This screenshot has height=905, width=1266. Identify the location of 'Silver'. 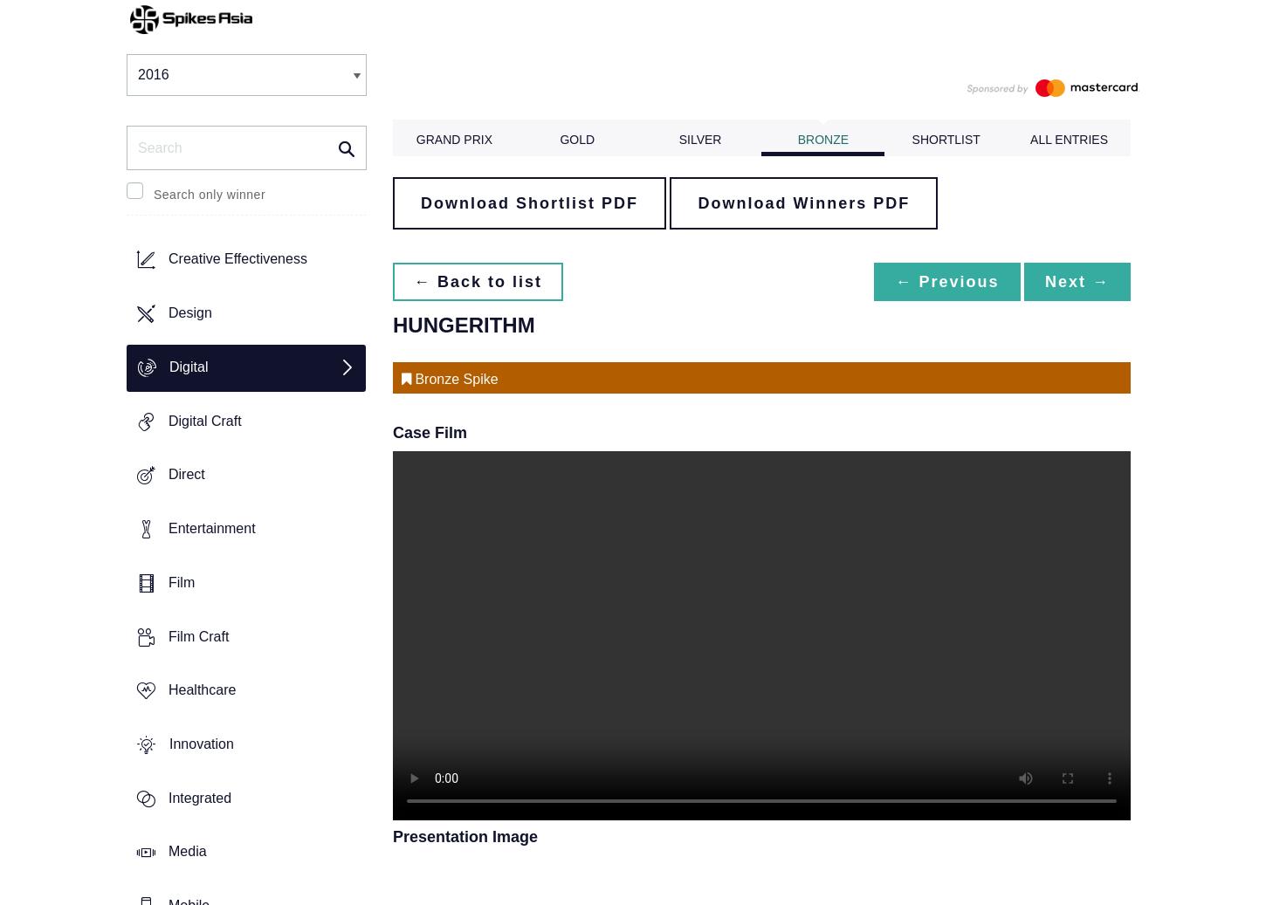
(678, 139).